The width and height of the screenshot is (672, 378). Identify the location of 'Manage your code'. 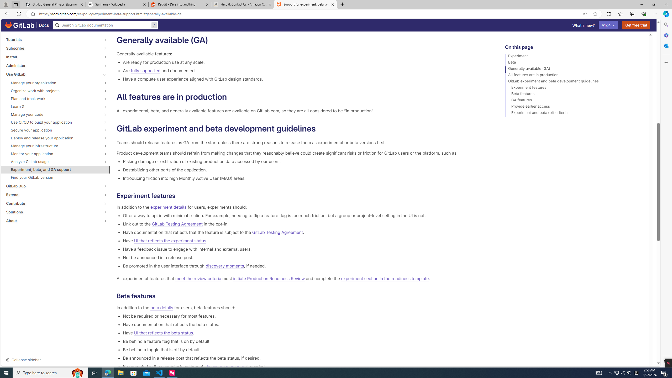
(52, 114).